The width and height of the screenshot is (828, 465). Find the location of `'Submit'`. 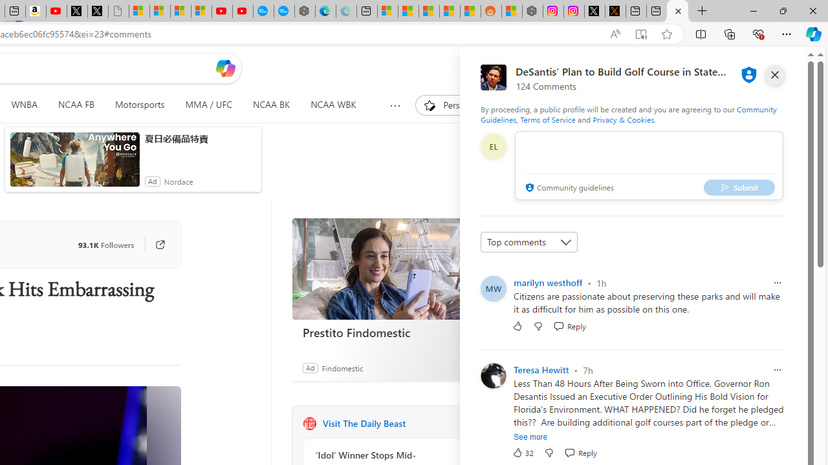

'Submit' is located at coordinates (739, 187).